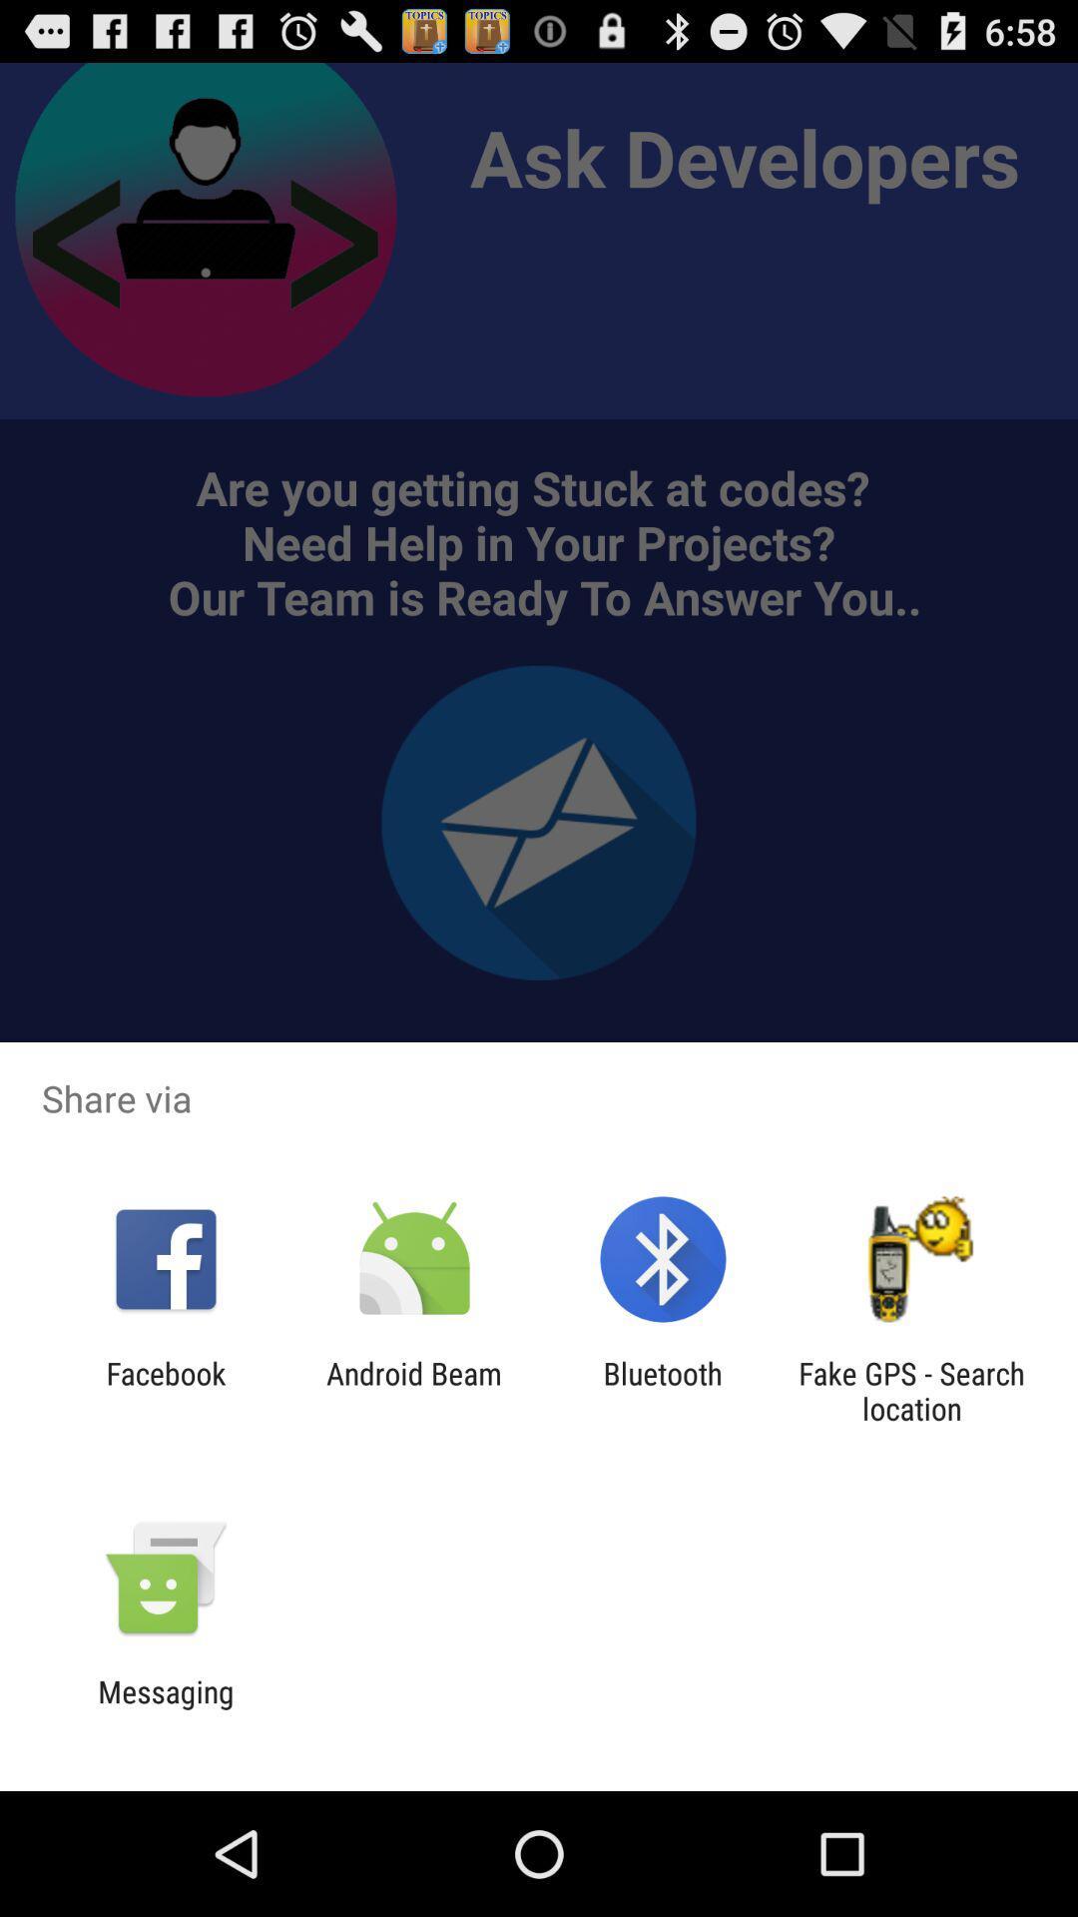 This screenshot has width=1078, height=1917. I want to click on app at the bottom right corner, so click(911, 1390).